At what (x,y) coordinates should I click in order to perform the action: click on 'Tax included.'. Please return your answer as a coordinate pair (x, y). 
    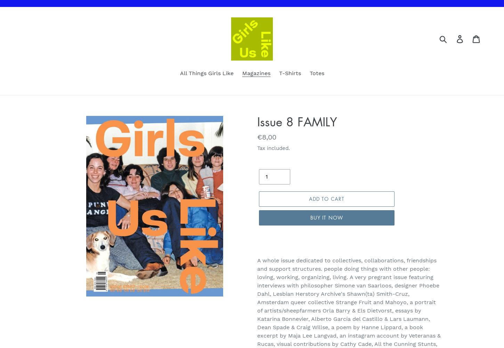
    Looking at the image, I should click on (257, 148).